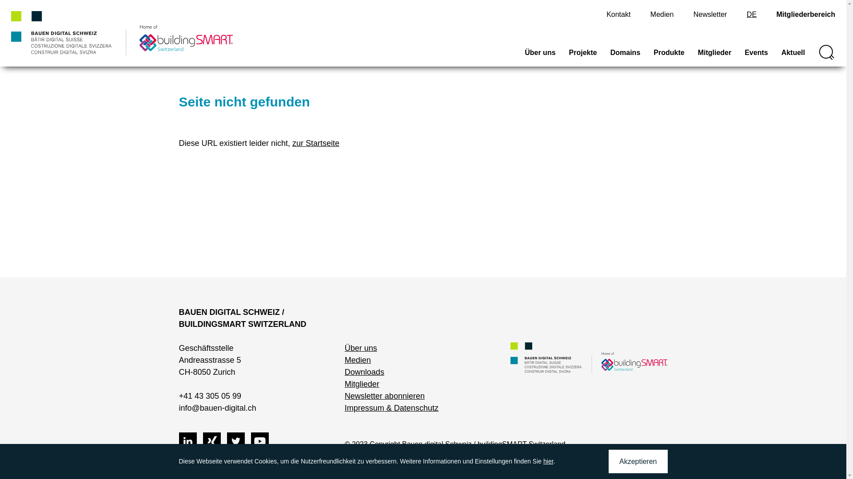  Describe the element at coordinates (669, 56) in the screenshot. I see `'Produkte'` at that location.